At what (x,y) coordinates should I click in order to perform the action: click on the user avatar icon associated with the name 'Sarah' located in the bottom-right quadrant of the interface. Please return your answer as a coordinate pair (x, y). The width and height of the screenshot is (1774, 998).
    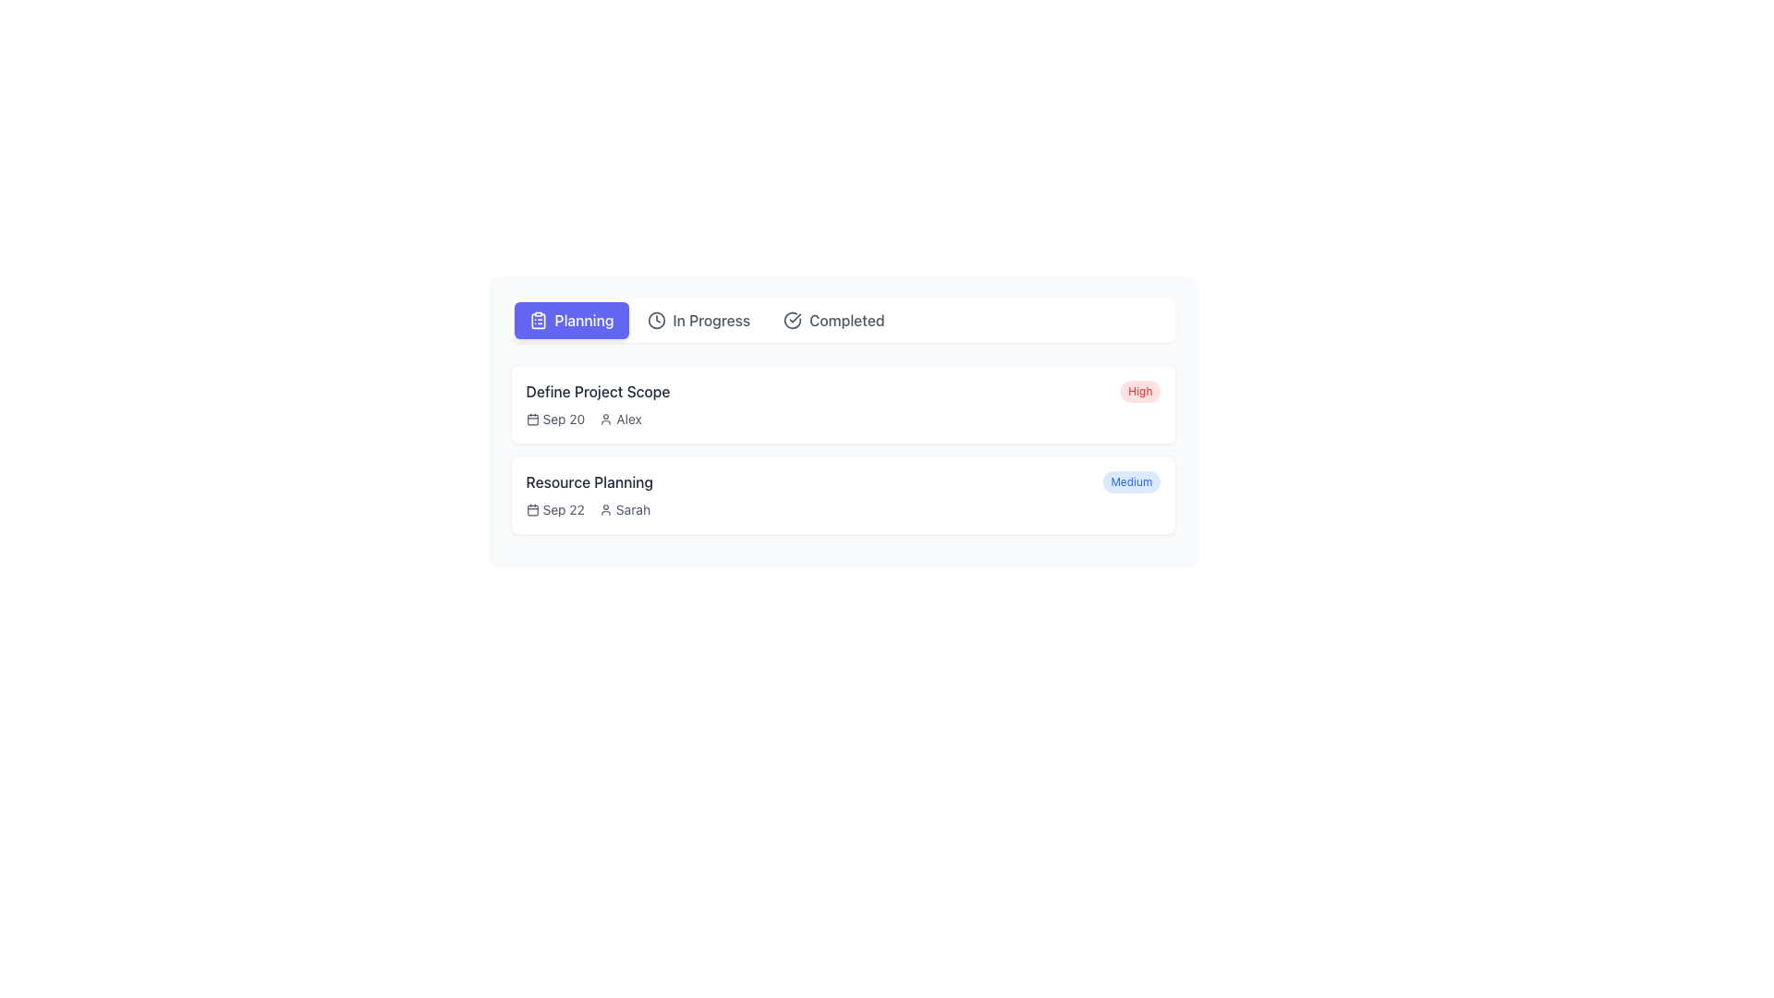
    Looking at the image, I should click on (605, 509).